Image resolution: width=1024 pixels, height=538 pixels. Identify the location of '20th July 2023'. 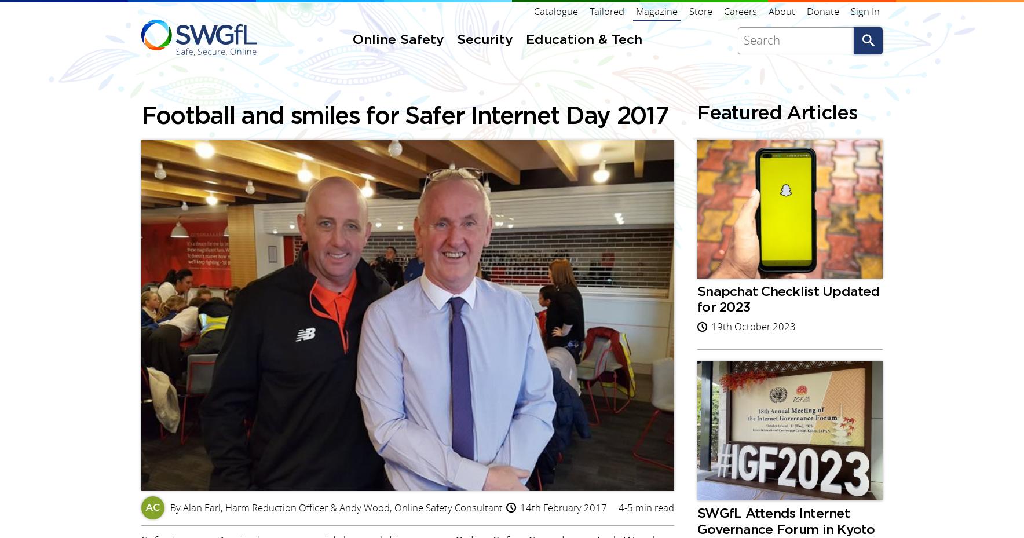
(743, 145).